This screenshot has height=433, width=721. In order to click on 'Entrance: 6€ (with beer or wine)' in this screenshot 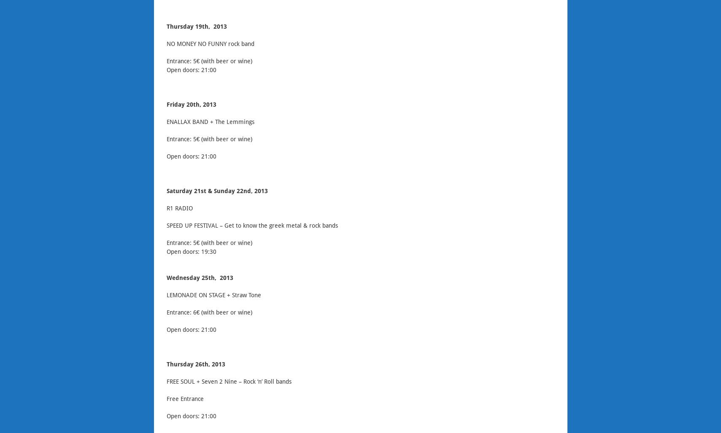, I will do `click(208, 313)`.